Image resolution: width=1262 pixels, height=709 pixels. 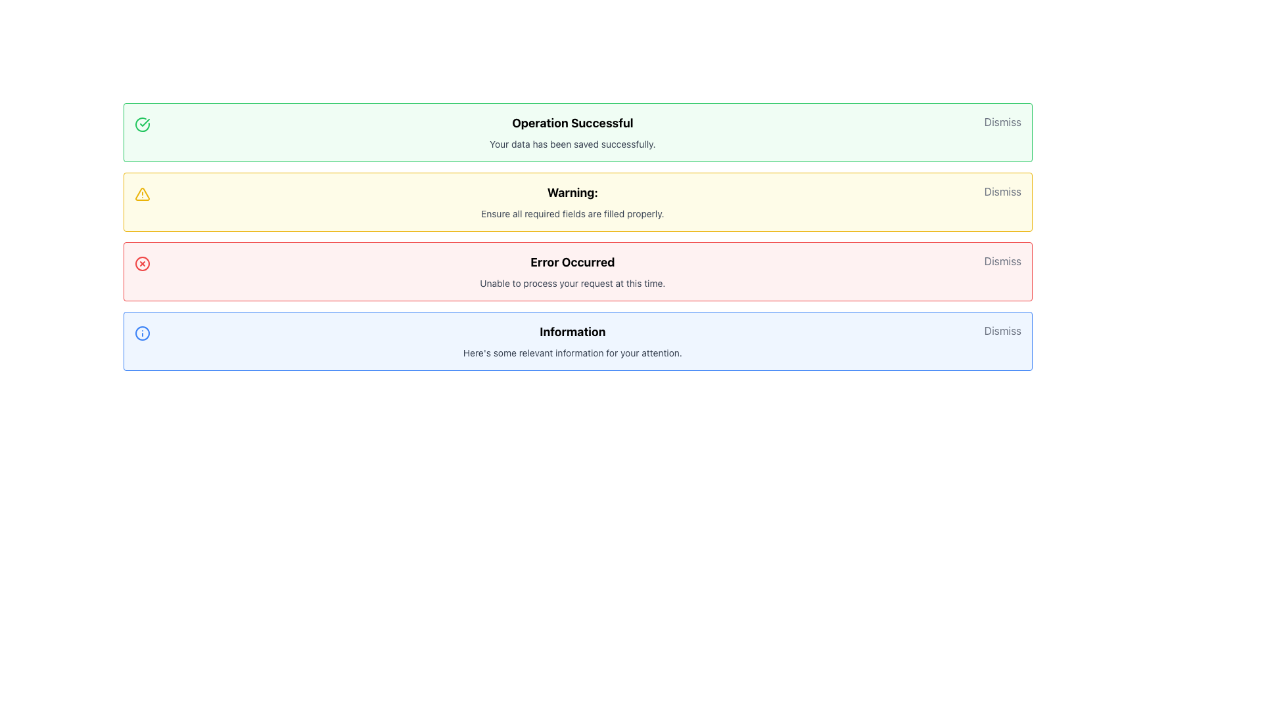 I want to click on the text element that reads 'Here's some relevant information for your attention.' located within the blue box labeled 'Information.', so click(x=573, y=352).